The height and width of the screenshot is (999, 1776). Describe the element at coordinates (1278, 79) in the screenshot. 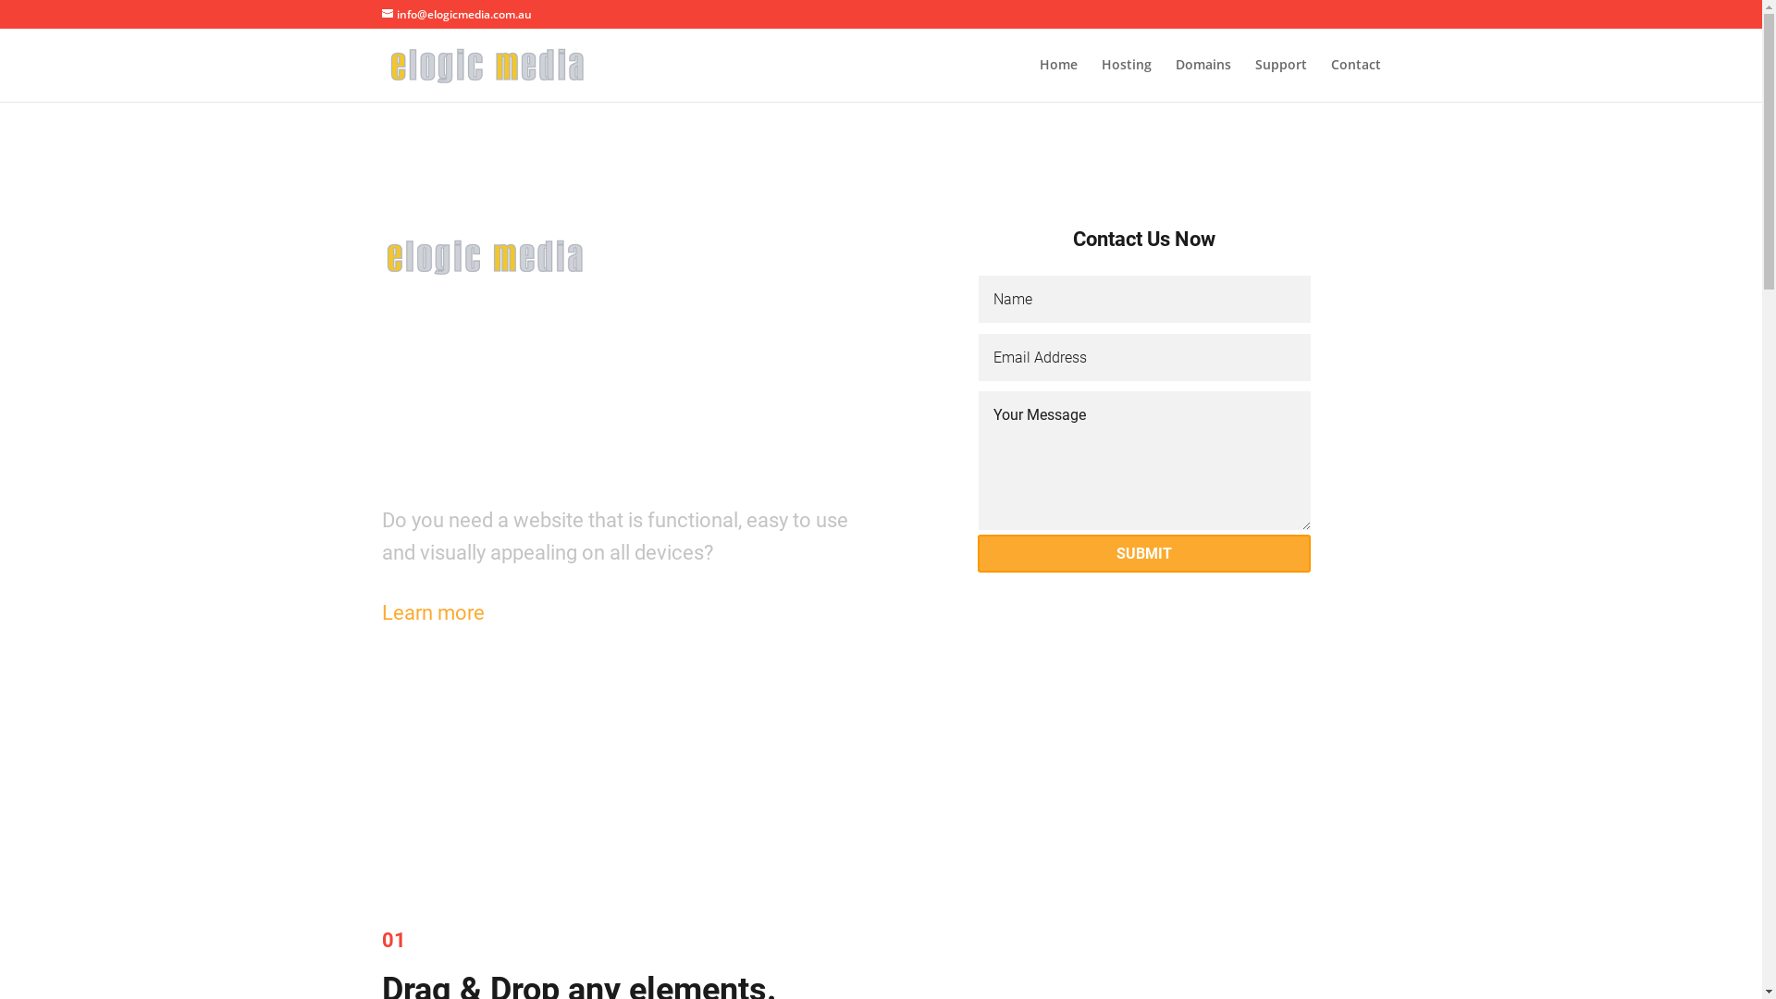

I see `'Support'` at that location.